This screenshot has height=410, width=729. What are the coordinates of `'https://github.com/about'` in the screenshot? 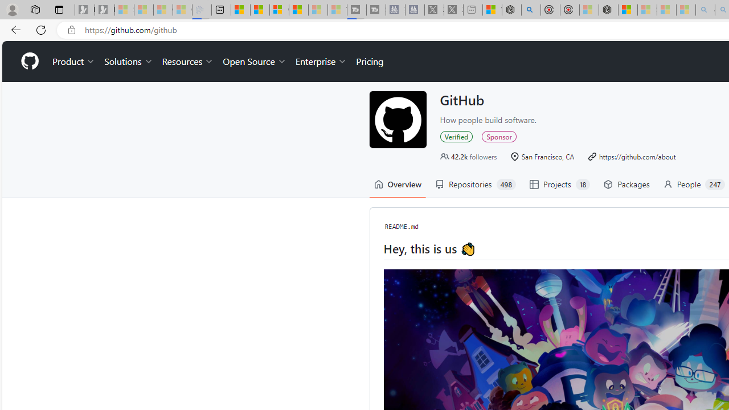 It's located at (631, 156).